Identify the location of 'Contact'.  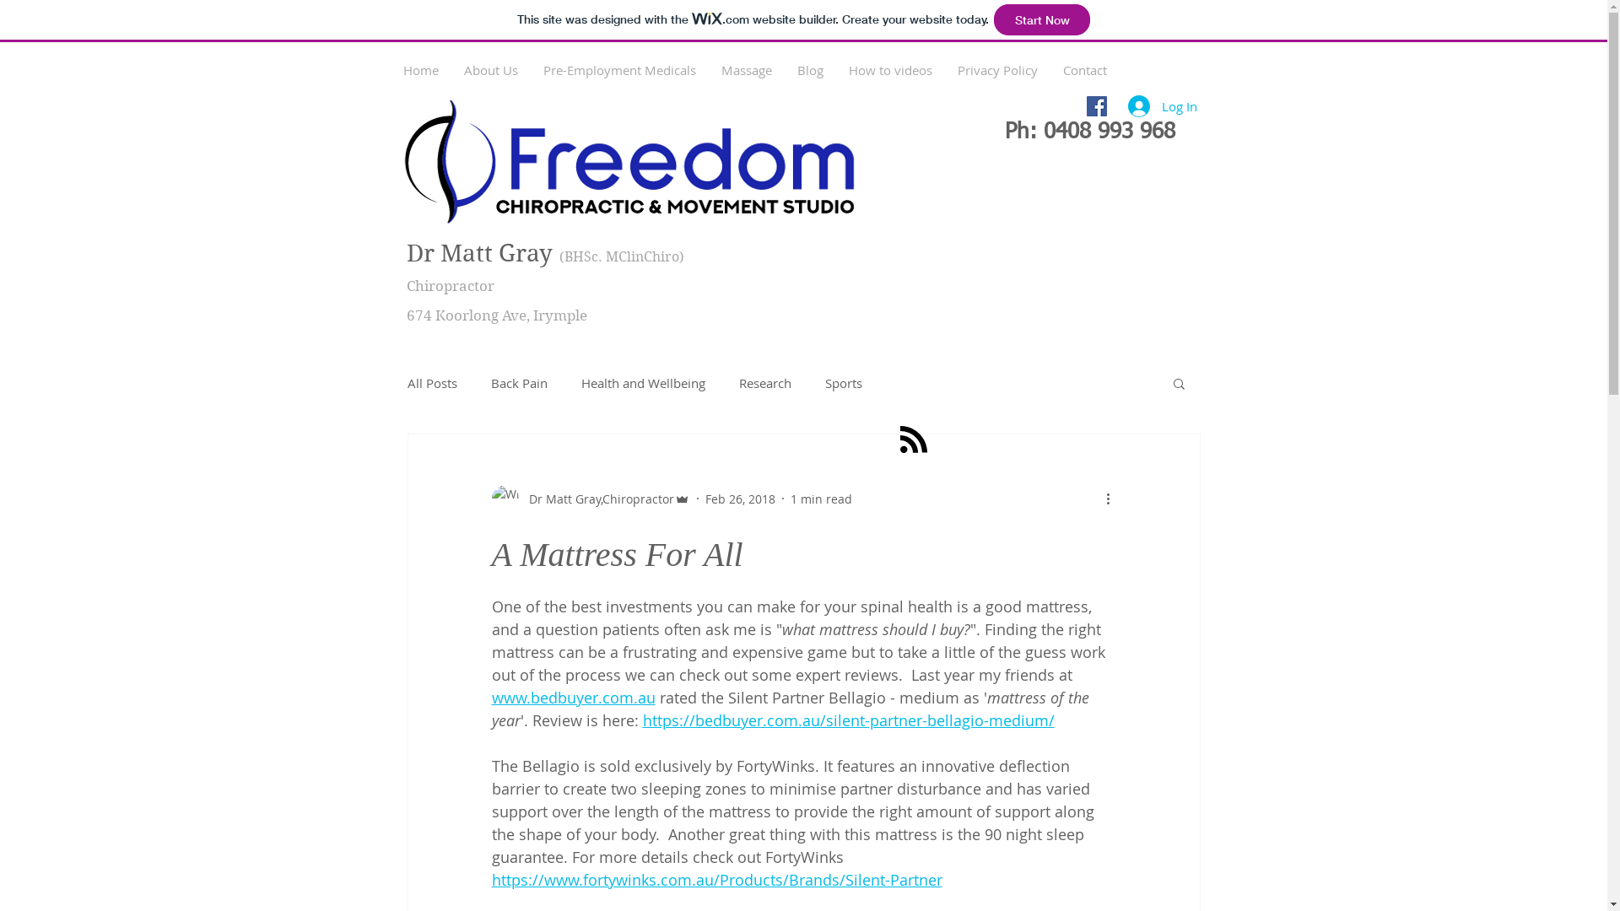
(1084, 69).